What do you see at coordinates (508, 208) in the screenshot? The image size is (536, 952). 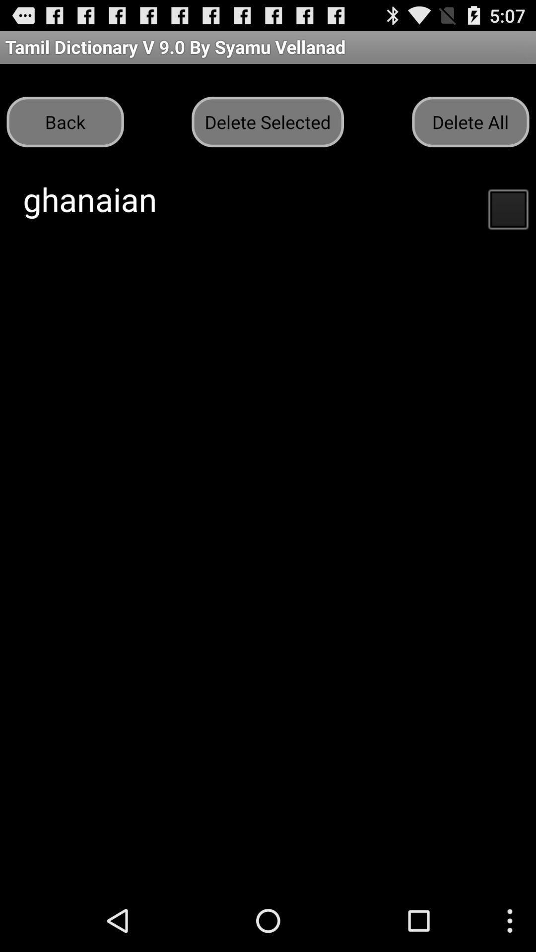 I see `the icon to the right of ghanaian icon` at bounding box center [508, 208].